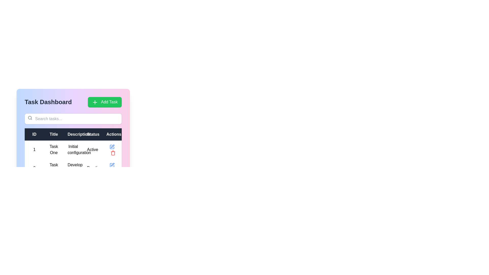 Image resolution: width=489 pixels, height=275 pixels. What do you see at coordinates (112, 146) in the screenshot?
I see `the edit button located in the first row of the table under the 'Actions' column, which is the second interactive element in that cell` at bounding box center [112, 146].